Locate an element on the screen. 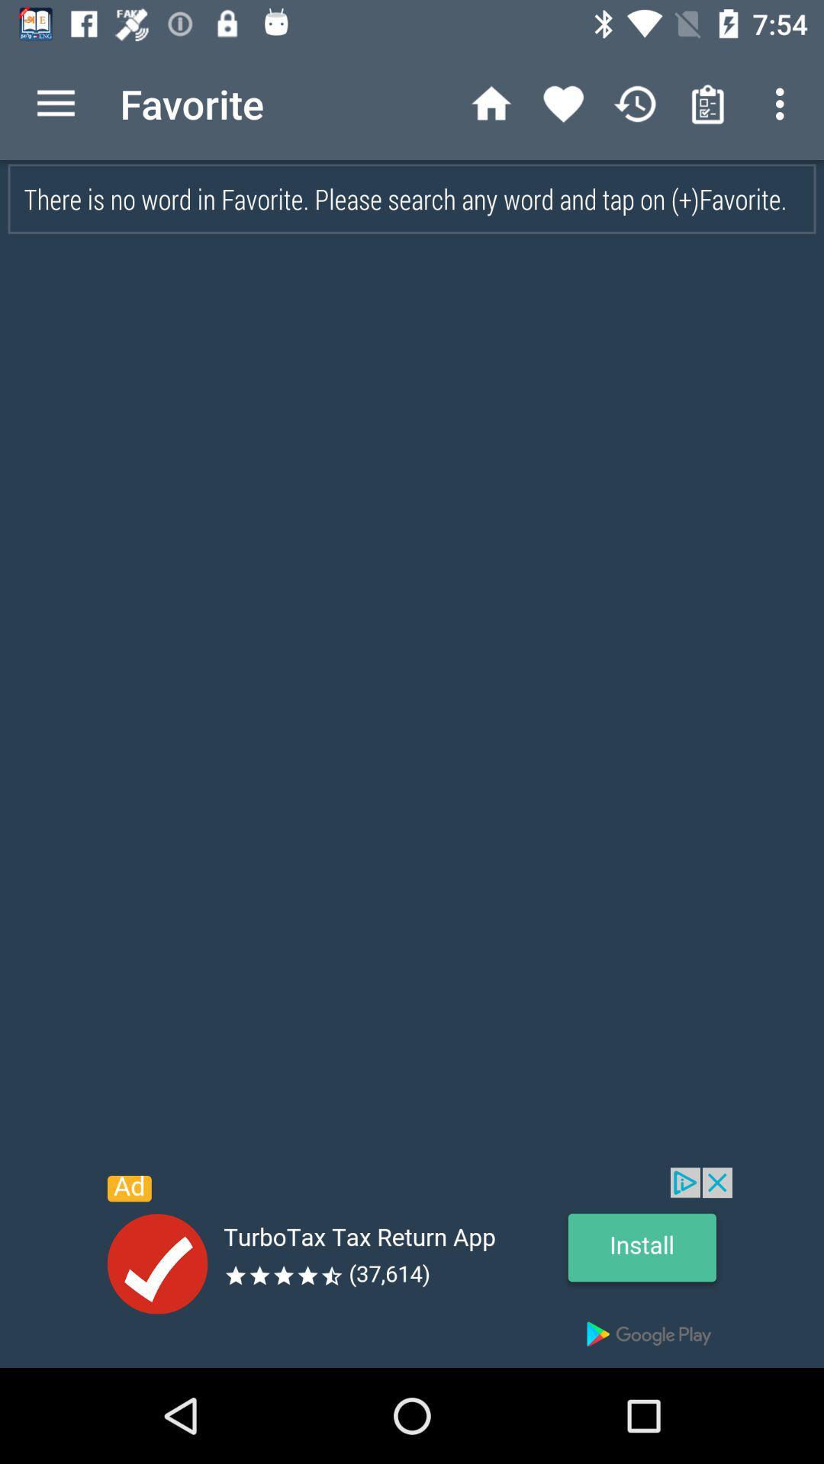 The width and height of the screenshot is (824, 1464). open the advertisement is located at coordinates (412, 1267).